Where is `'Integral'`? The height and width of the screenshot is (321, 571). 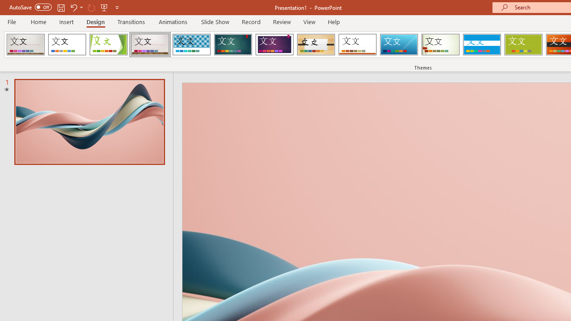
'Integral' is located at coordinates (191, 45).